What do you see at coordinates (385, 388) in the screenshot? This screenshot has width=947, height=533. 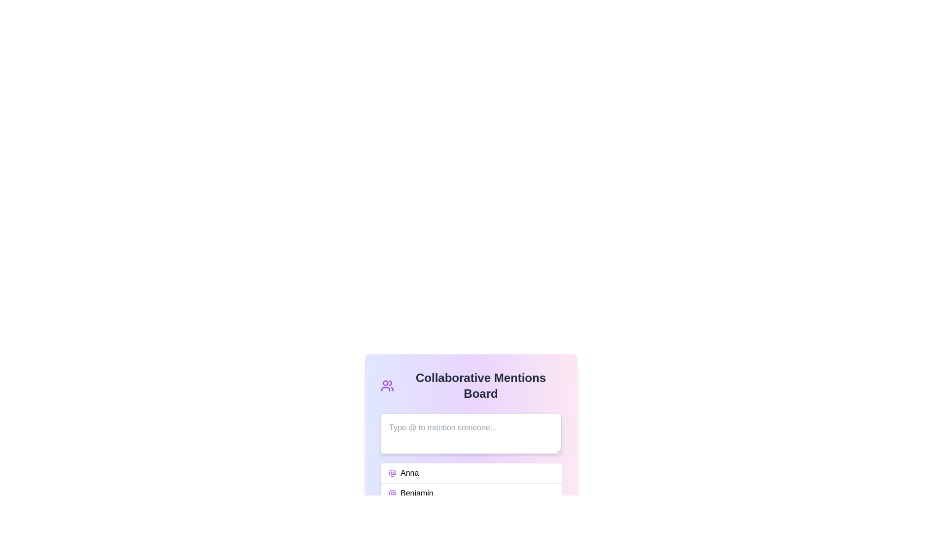 I see `the lower part of the group icon, which is a vector graphic styled to resemble a curved arc, located at the top-left corner above the 'Collaborative Mentions Board' text` at bounding box center [385, 388].